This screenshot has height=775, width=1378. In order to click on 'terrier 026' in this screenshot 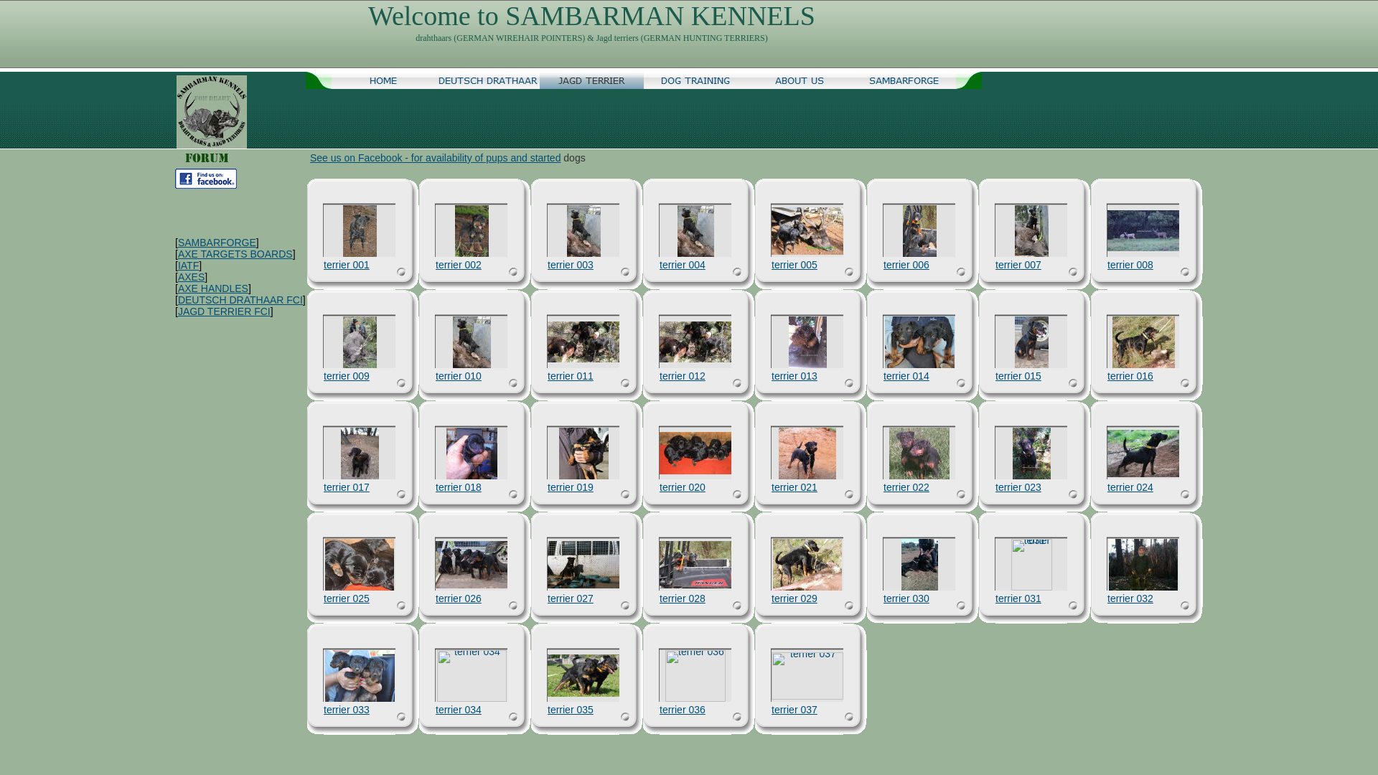, I will do `click(457, 598)`.